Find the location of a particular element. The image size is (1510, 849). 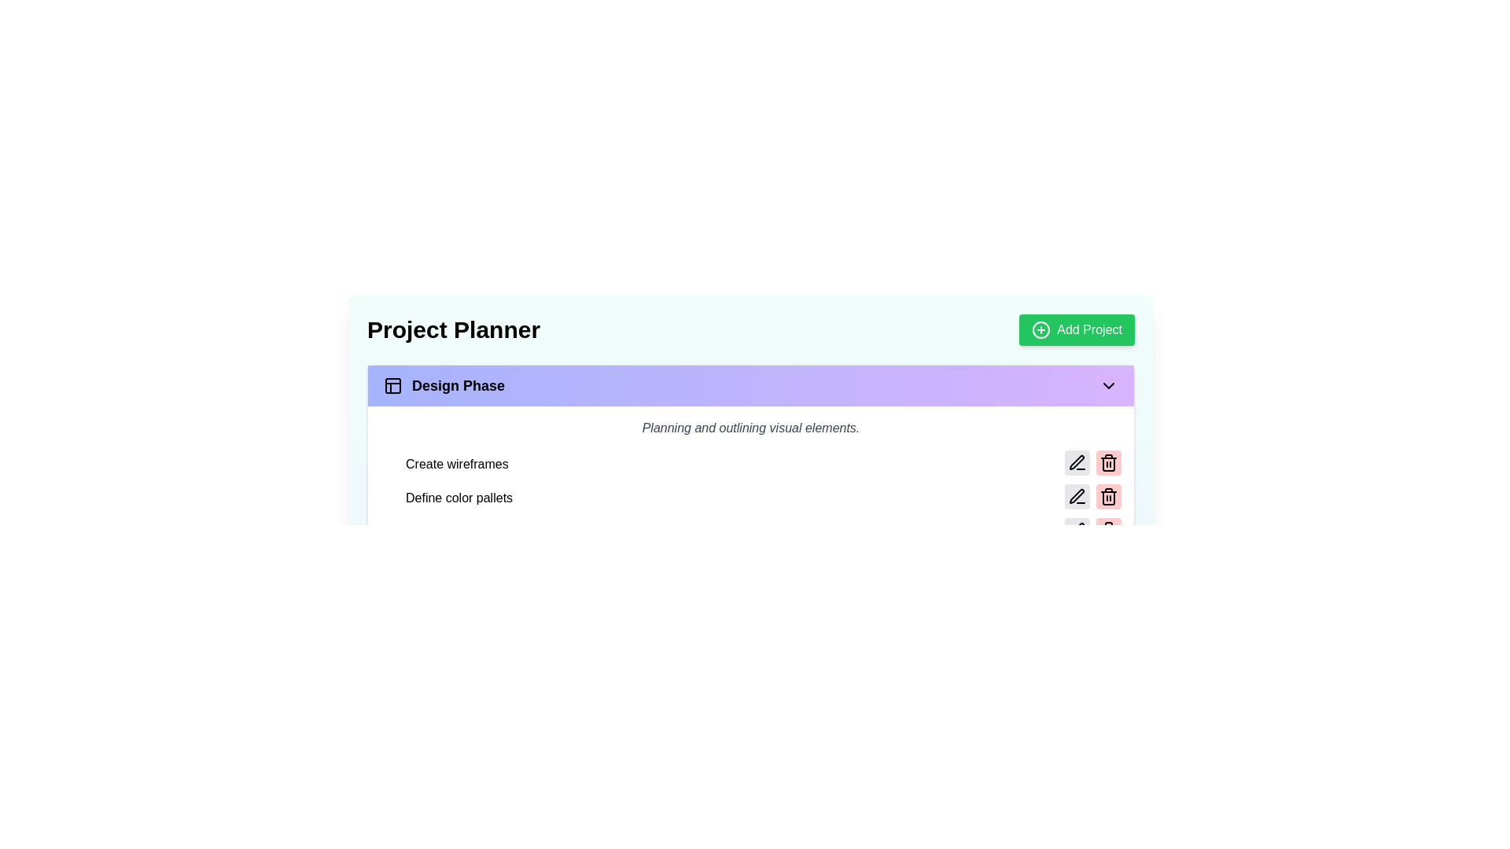

the 'Add Project' text label, which is styled in white on a green background and located to the right of a circular plus icon is located at coordinates (1088, 329).